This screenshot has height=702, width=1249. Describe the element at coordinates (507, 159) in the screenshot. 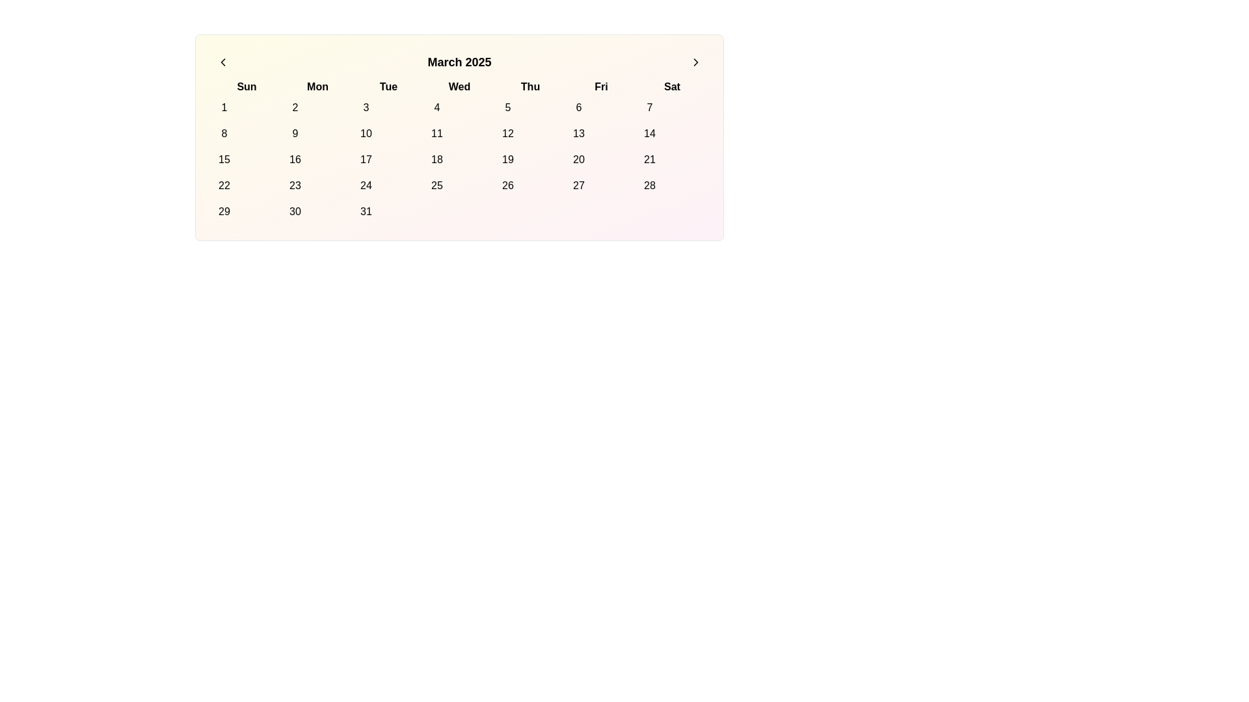

I see `the circular button displaying '19' in the calendar grid under 'Thu' (Thursday)` at that location.